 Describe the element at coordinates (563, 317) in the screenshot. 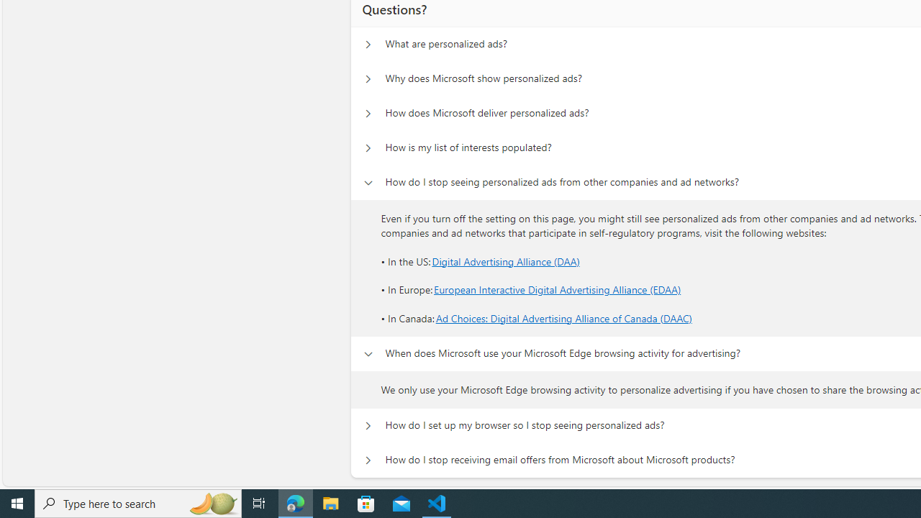

I see `'Ad Choices: Digital Advertising Alliance of Canada (DAAC)'` at that location.